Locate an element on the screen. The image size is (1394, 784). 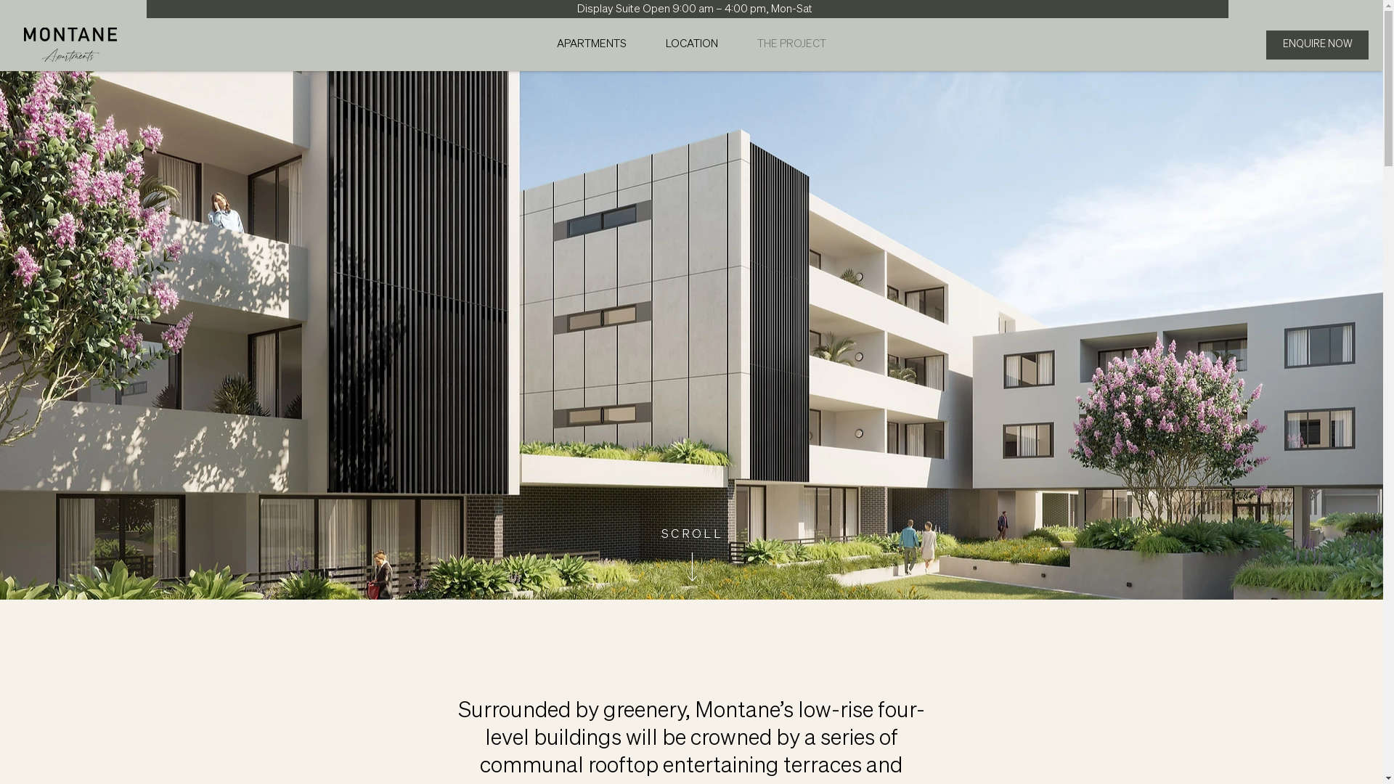
'APARTMENTS' is located at coordinates (592, 44).